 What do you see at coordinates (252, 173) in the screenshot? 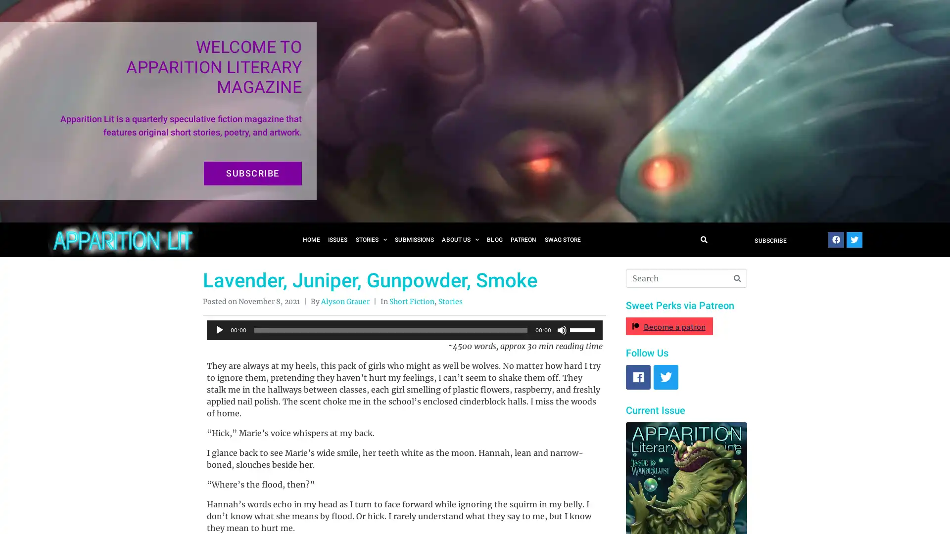
I see `SUBSCRIBE` at bounding box center [252, 173].